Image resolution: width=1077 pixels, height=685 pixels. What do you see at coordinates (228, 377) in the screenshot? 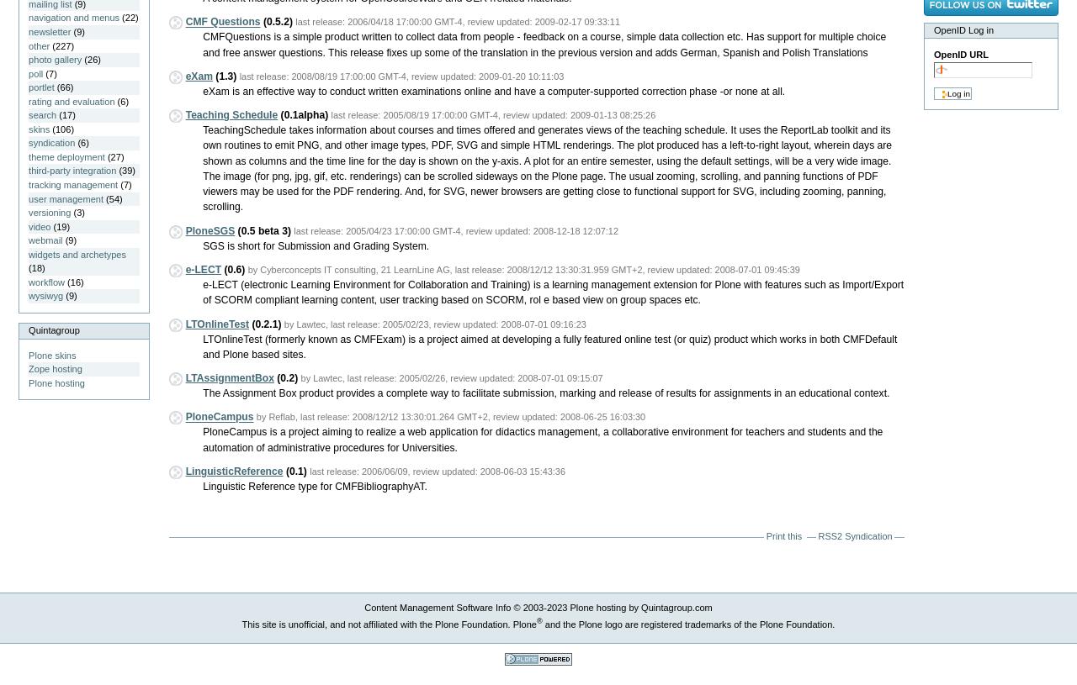
I see `'LTAssignmentBox'` at bounding box center [228, 377].